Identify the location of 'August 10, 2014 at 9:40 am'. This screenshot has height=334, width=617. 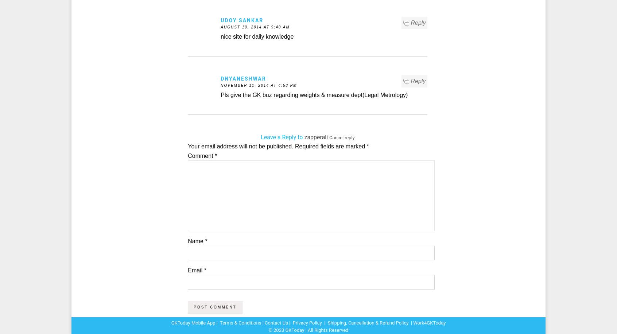
(255, 27).